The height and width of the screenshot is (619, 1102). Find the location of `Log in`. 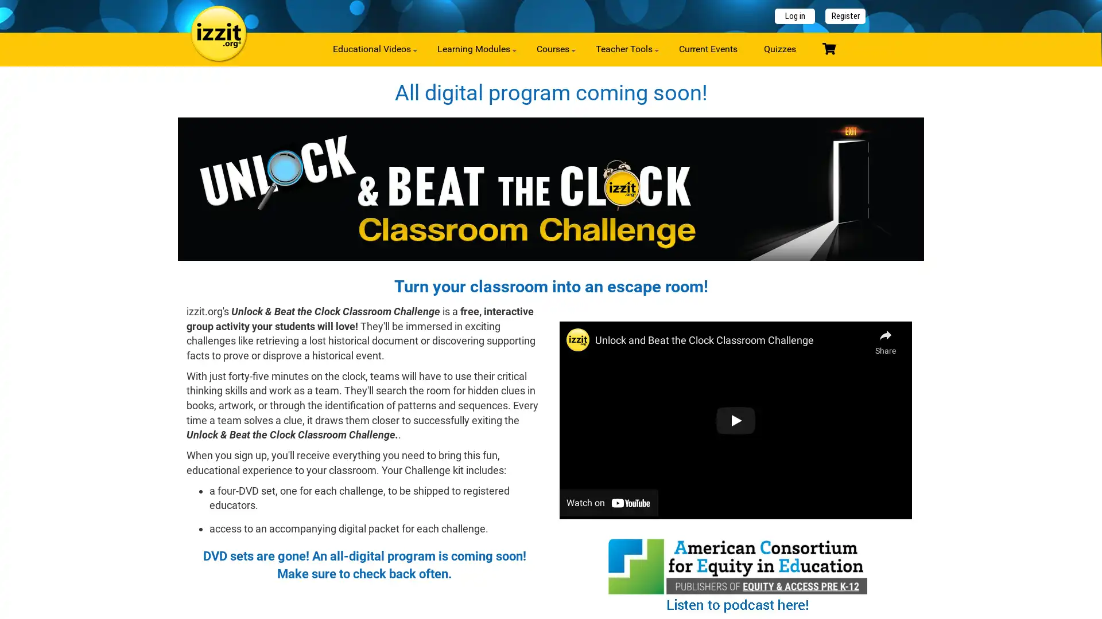

Log in is located at coordinates (794, 16).